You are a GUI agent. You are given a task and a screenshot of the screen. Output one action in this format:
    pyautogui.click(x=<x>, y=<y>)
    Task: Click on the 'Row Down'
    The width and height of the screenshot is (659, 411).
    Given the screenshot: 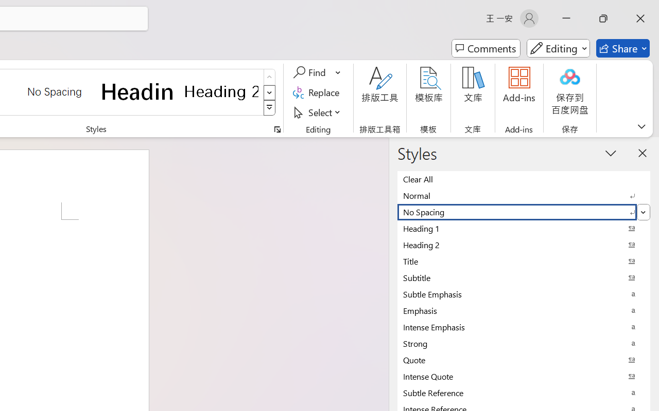 What is the action you would take?
    pyautogui.click(x=269, y=92)
    